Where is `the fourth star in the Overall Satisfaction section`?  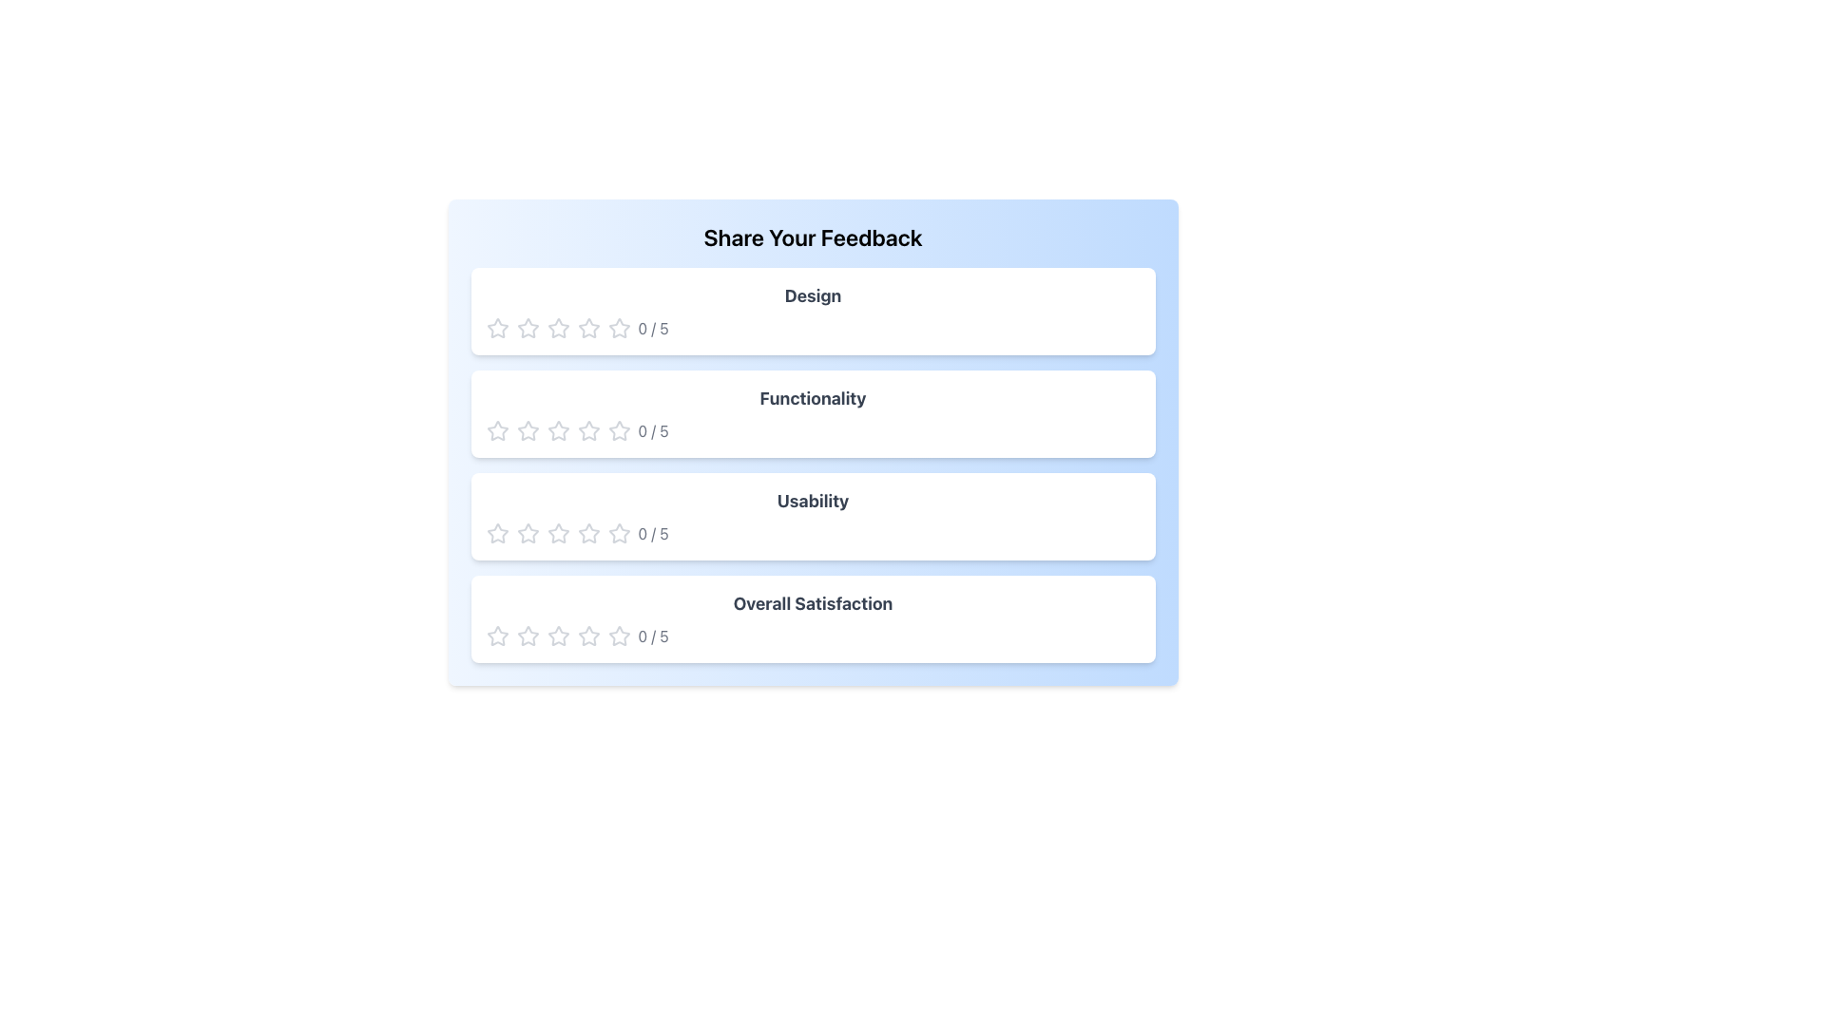
the fourth star in the Overall Satisfaction section is located at coordinates (587, 636).